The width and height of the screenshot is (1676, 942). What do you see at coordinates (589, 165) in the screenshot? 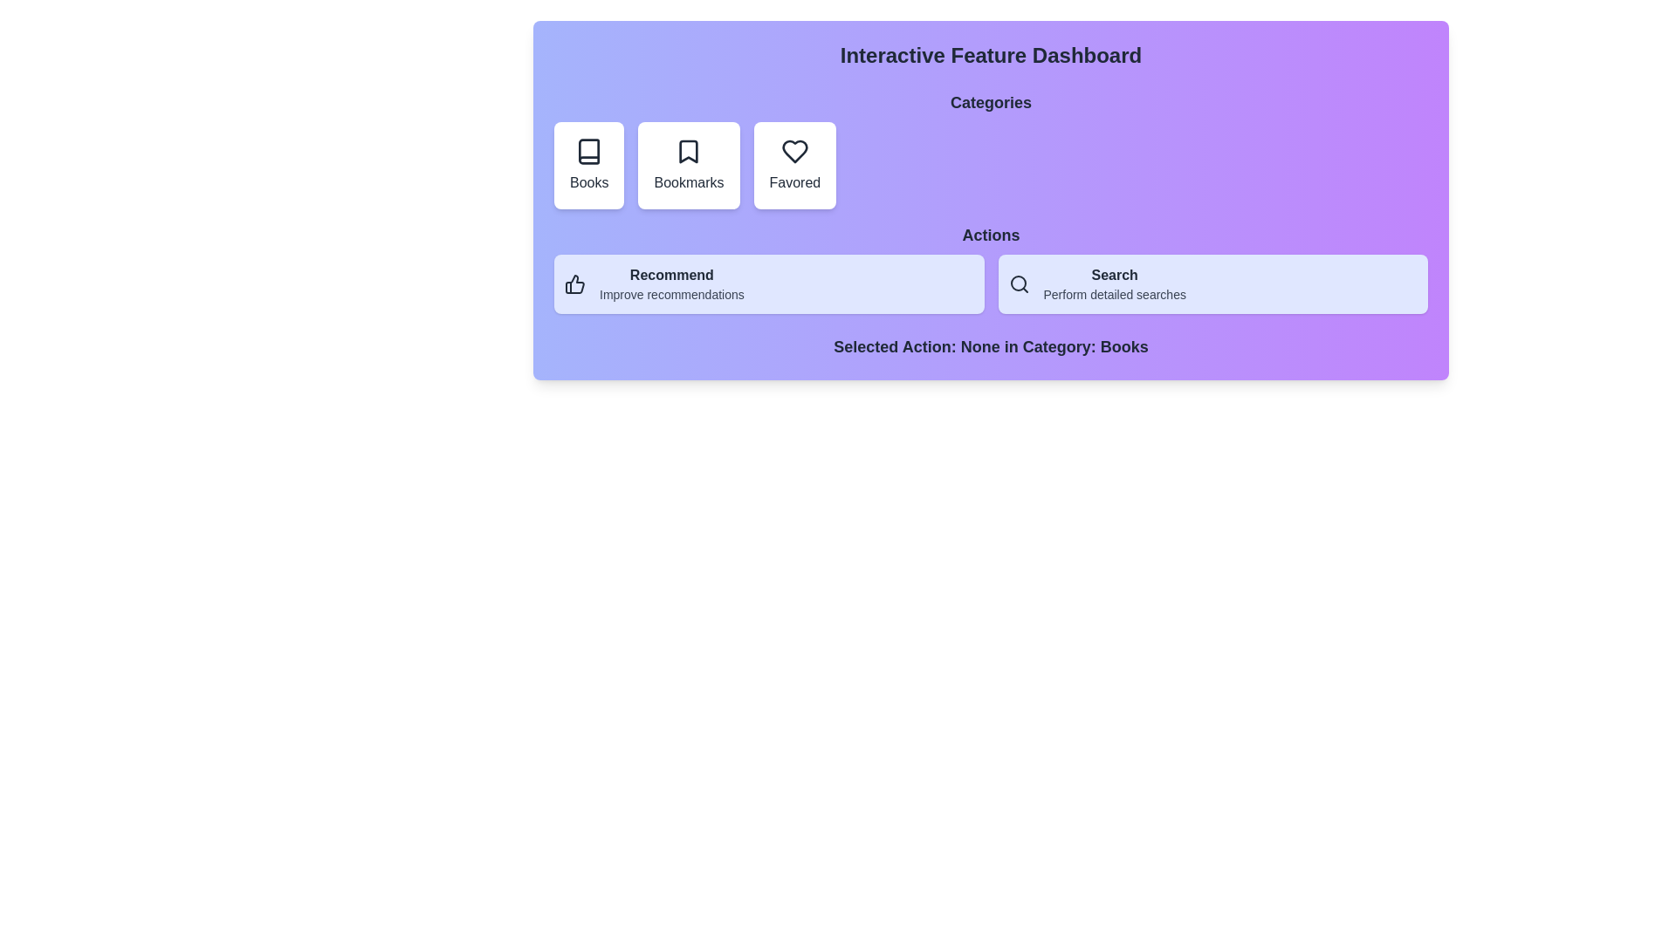
I see `the 'Books' category selector card, which is the first card in a set of three under the 'Categories' section, to provide visual feedback` at bounding box center [589, 165].